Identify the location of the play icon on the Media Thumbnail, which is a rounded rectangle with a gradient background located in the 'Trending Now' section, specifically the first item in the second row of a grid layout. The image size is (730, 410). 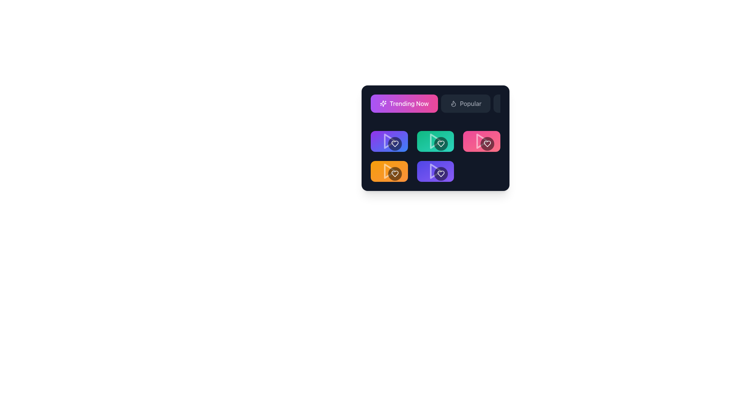
(389, 141).